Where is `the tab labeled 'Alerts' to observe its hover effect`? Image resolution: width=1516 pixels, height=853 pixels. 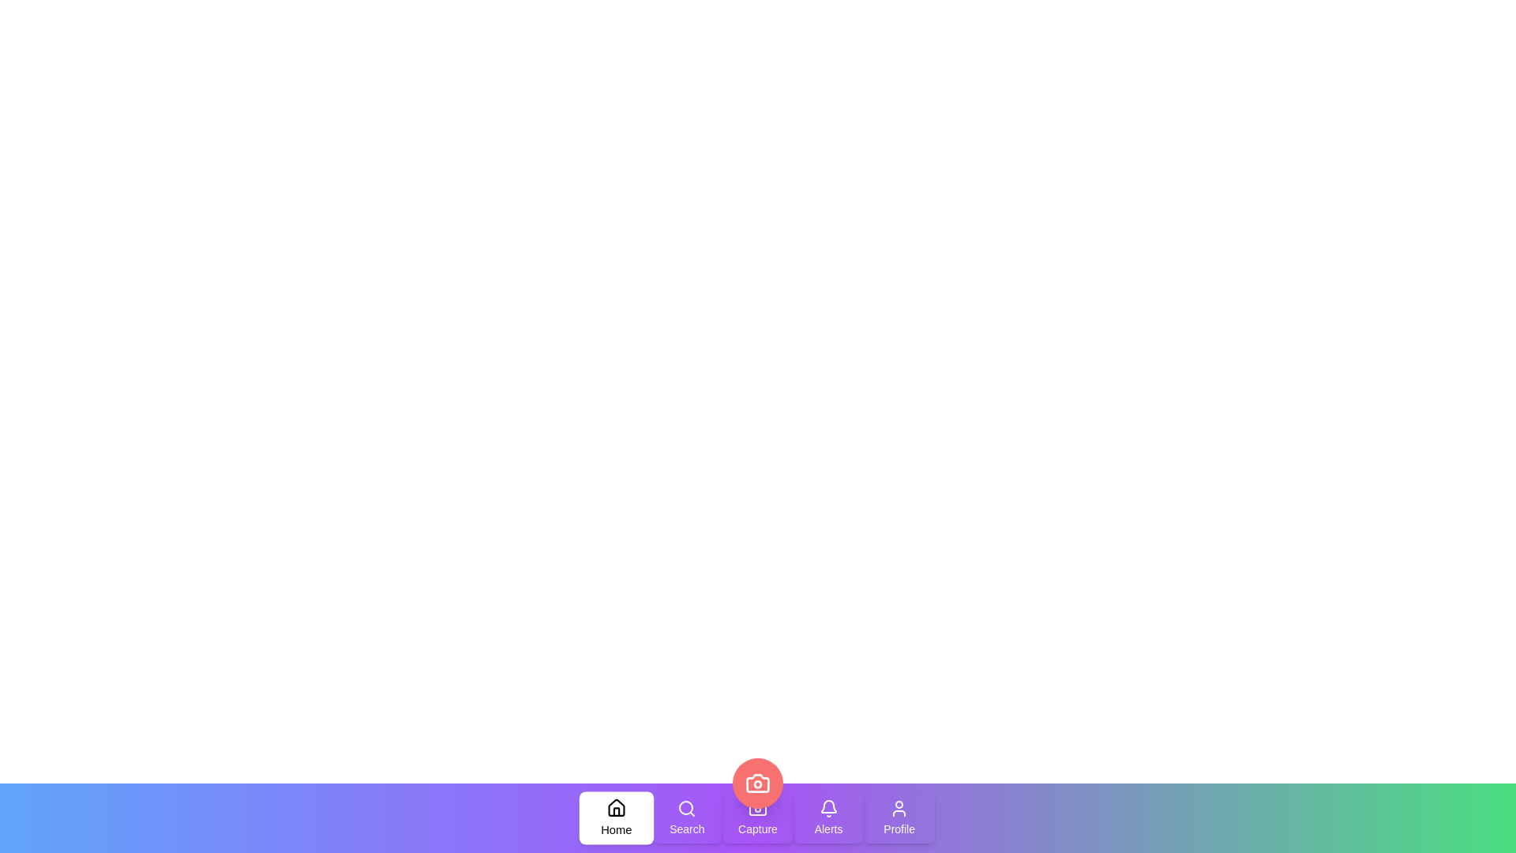
the tab labeled 'Alerts' to observe its hover effect is located at coordinates (827, 817).